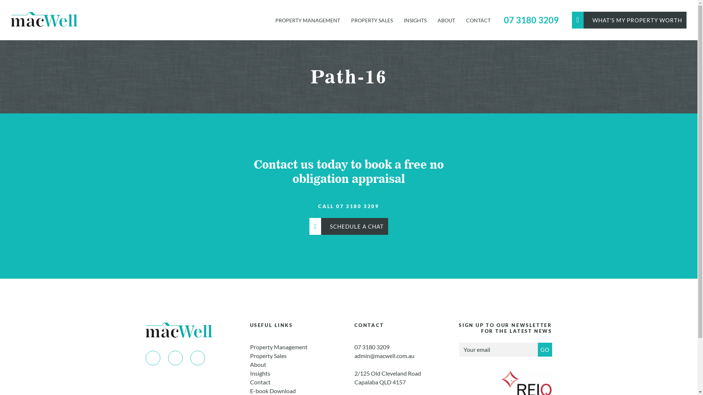 The width and height of the screenshot is (703, 395). I want to click on 'Instagram', so click(175, 358).